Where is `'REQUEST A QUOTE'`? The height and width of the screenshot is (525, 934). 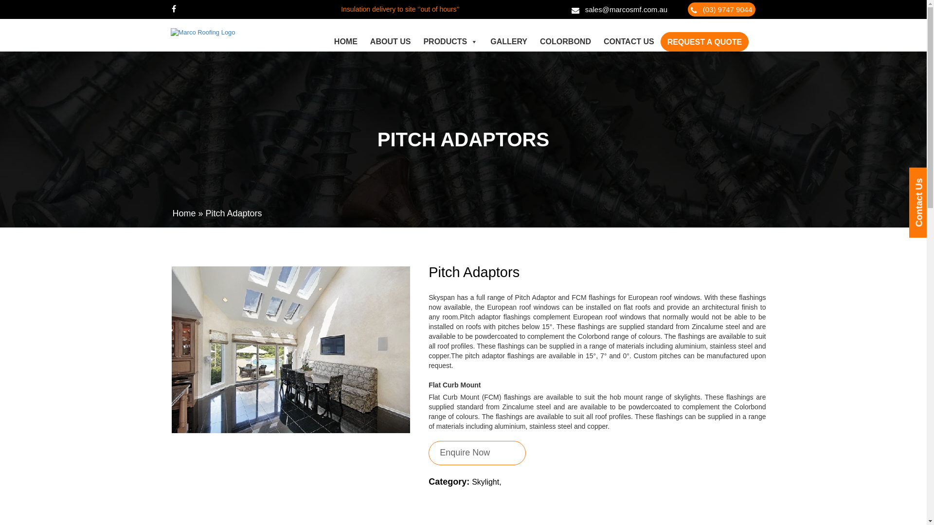
'REQUEST A QUOTE' is located at coordinates (705, 41).